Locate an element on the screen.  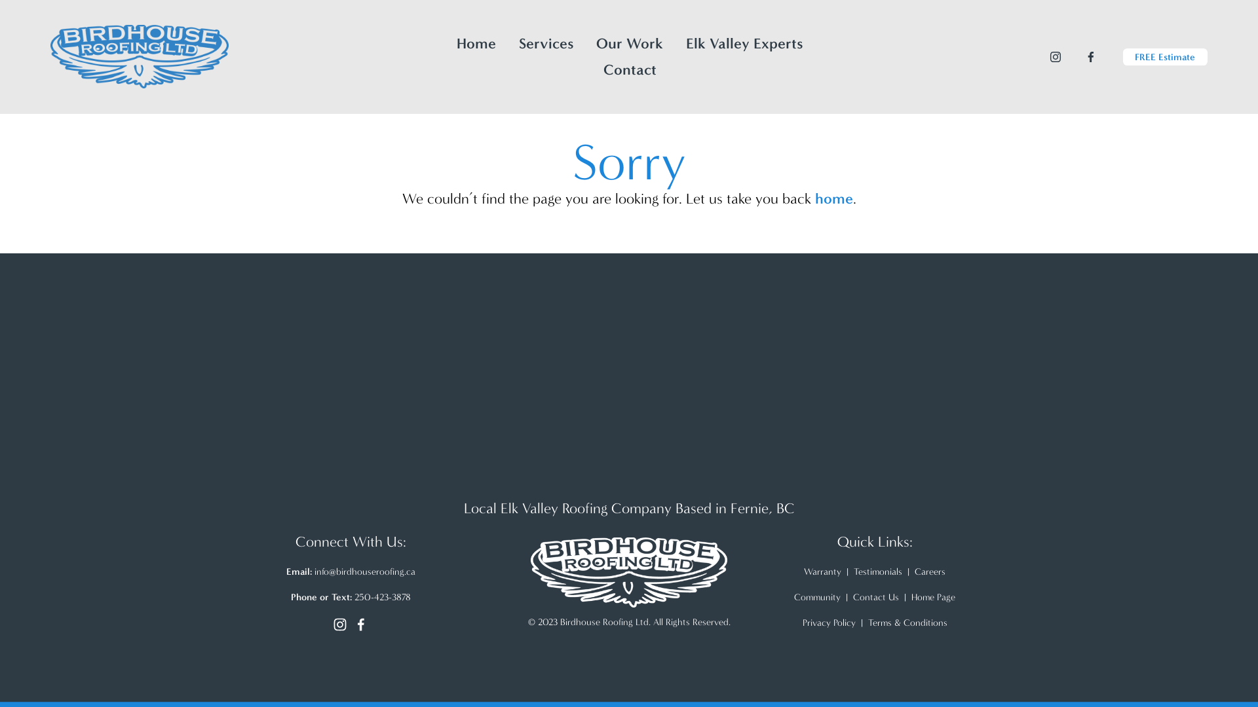
'Elk Valley Experts' is located at coordinates (744, 43).